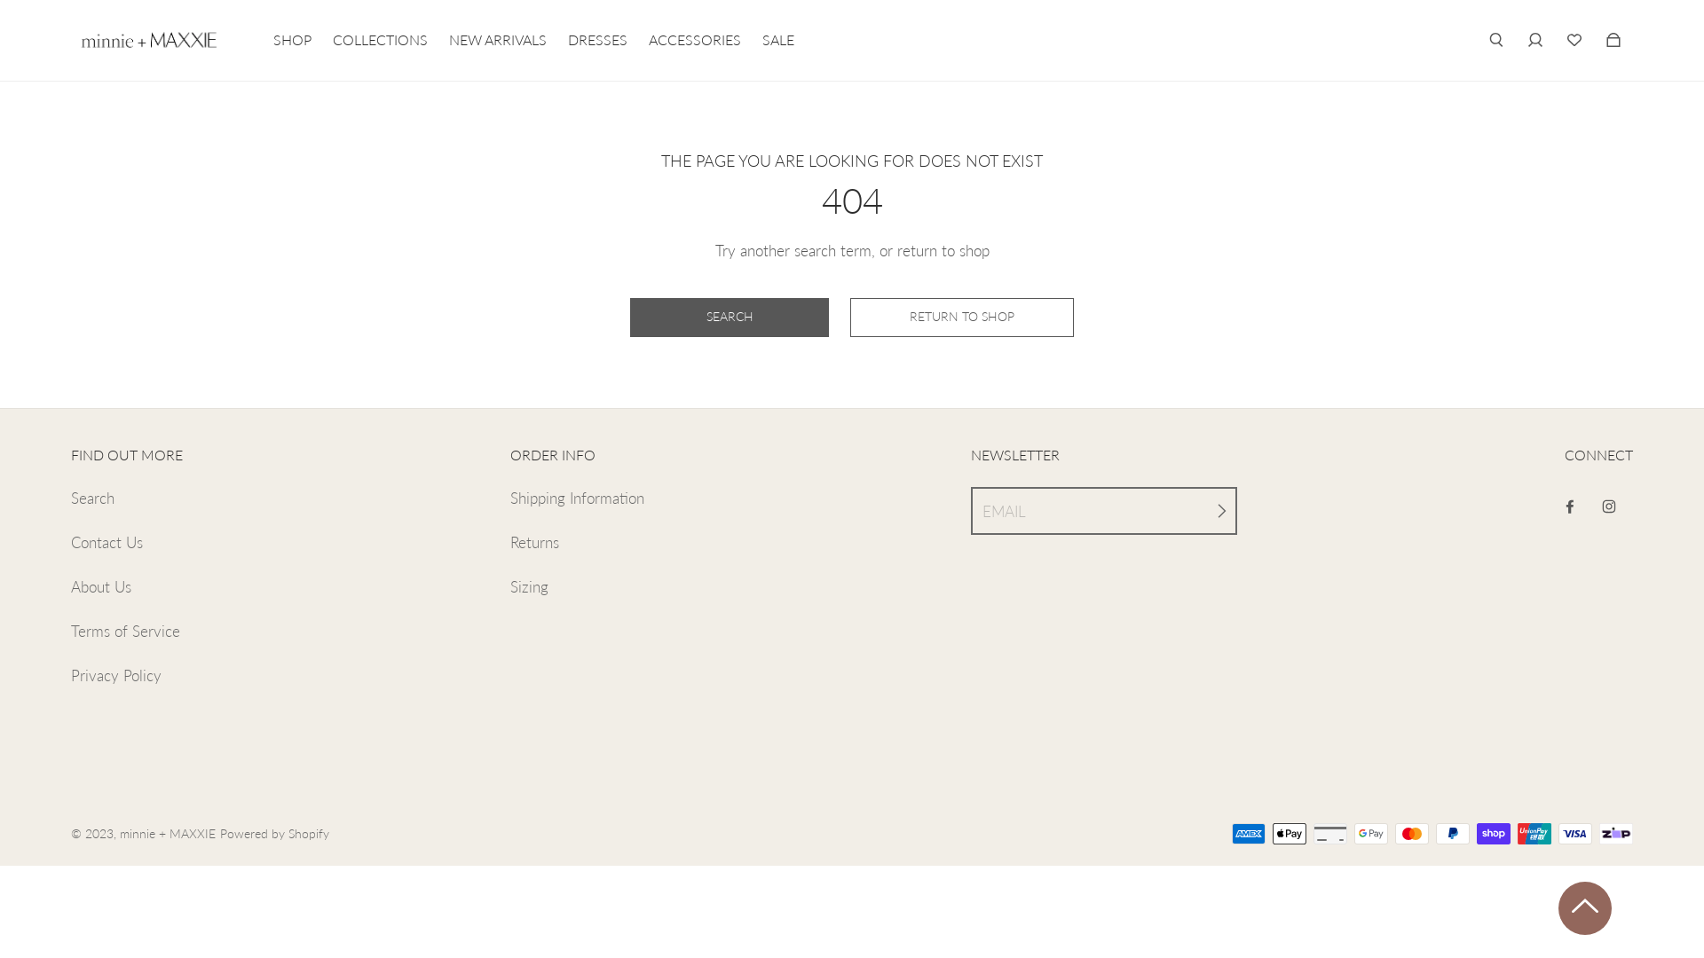 The height and width of the screenshot is (958, 1704). What do you see at coordinates (509, 499) in the screenshot?
I see `'Shipping Information'` at bounding box center [509, 499].